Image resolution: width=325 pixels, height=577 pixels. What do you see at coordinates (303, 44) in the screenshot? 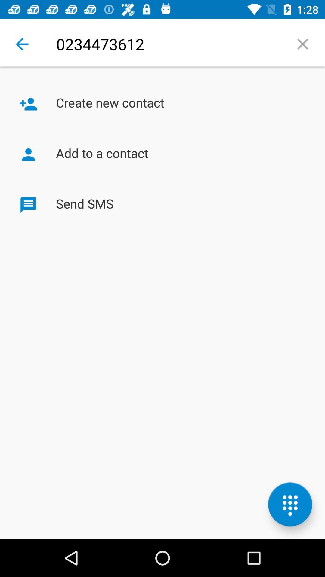
I see `icon at the top right corner` at bounding box center [303, 44].